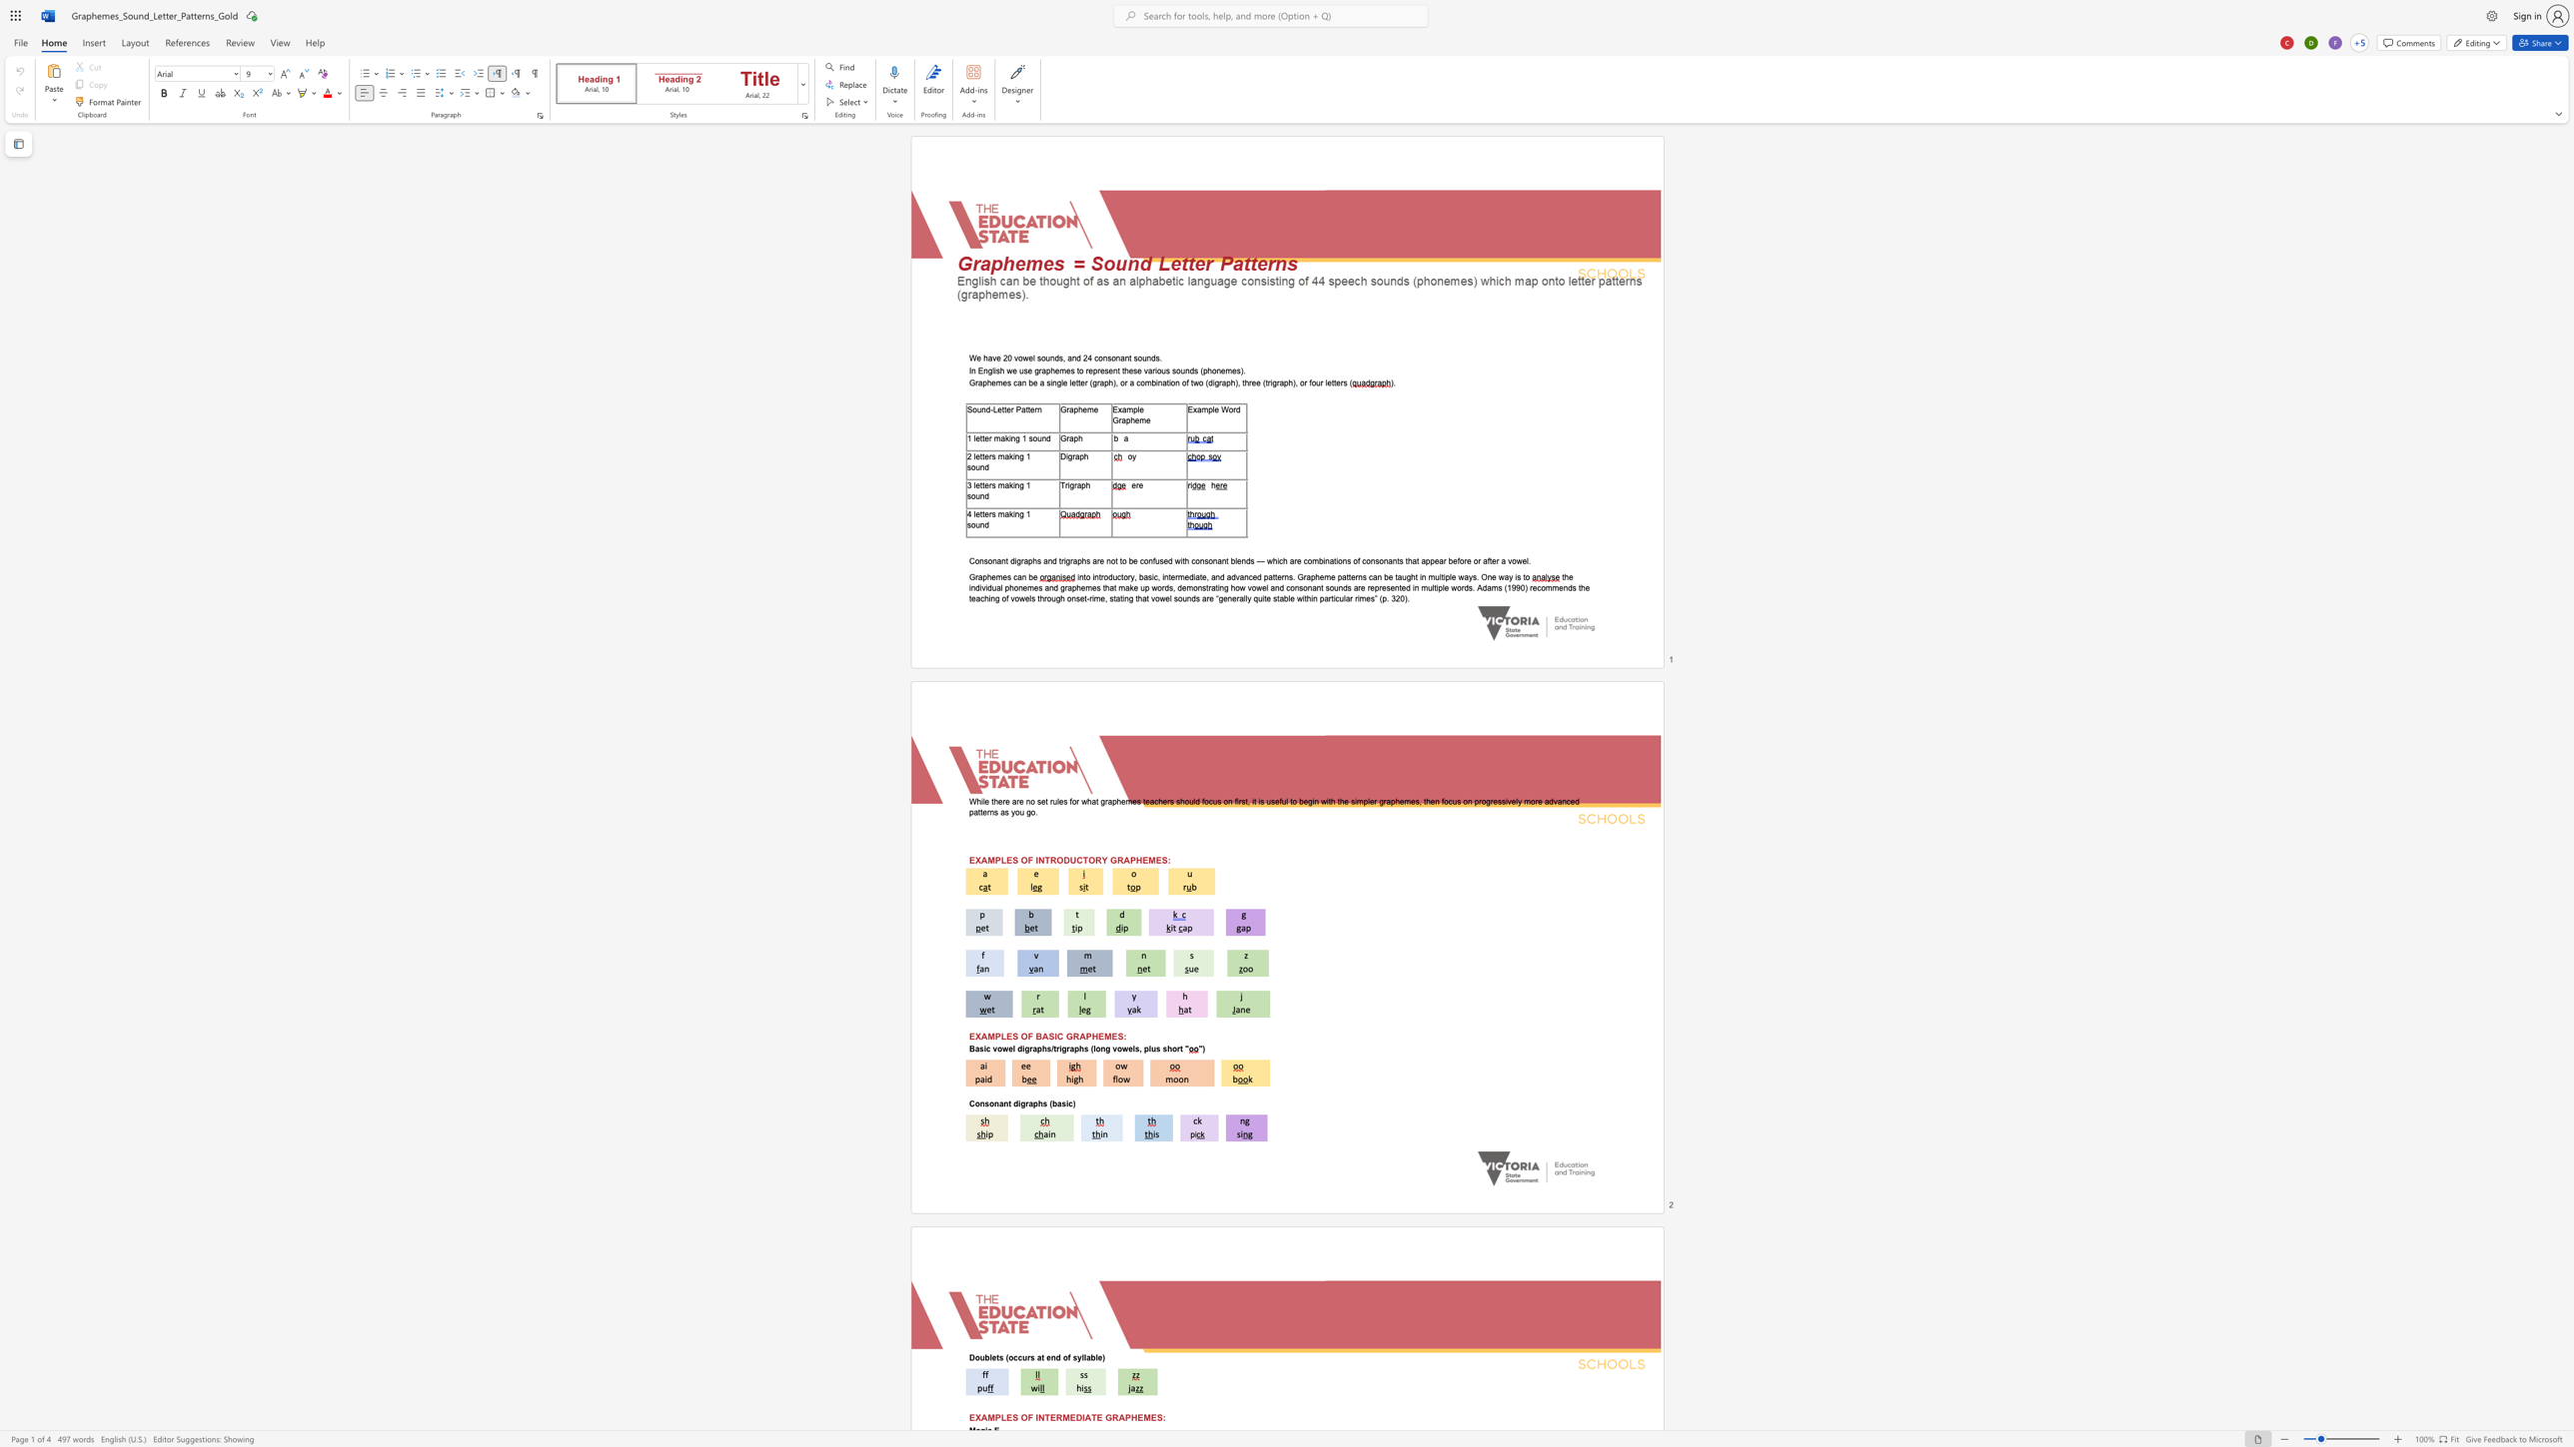  I want to click on the 1th character "p" in the text, so click(1204, 369).